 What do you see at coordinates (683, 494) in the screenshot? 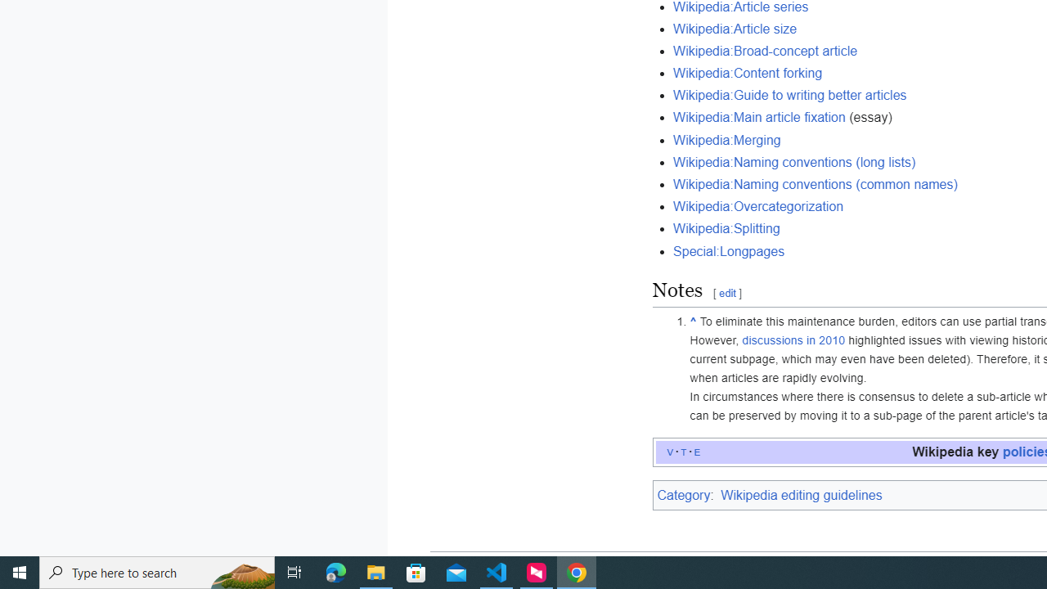
I see `'Category'` at bounding box center [683, 494].